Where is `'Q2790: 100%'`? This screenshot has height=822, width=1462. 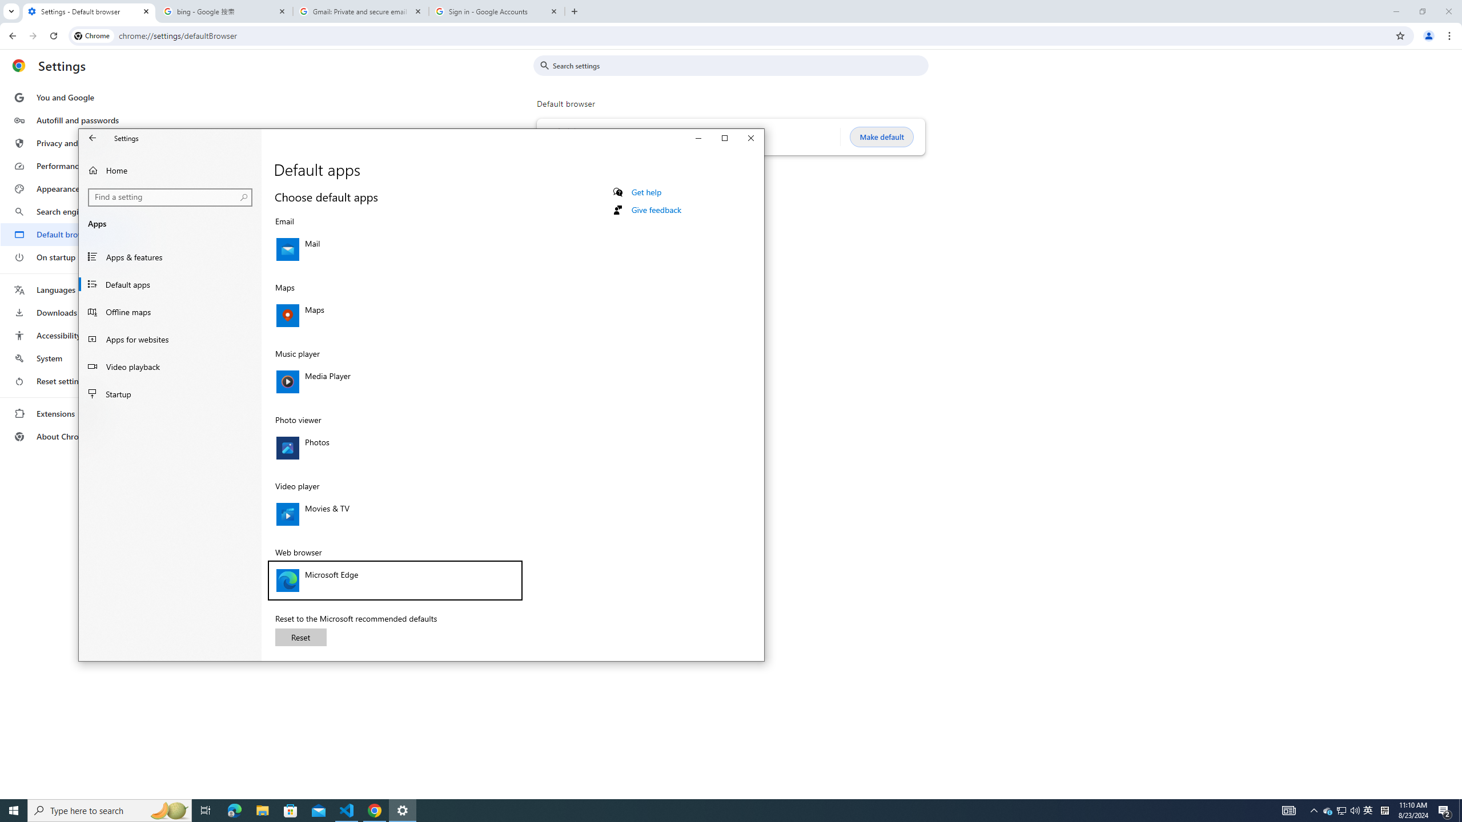 'Q2790: 100%' is located at coordinates (1355, 809).